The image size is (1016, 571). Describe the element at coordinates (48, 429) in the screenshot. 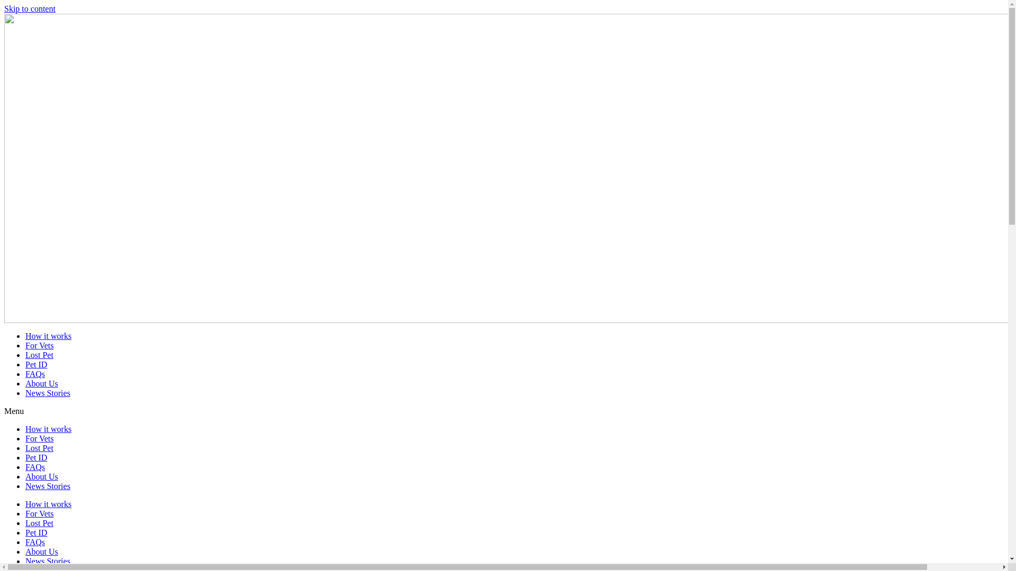

I see `'How it works'` at that location.